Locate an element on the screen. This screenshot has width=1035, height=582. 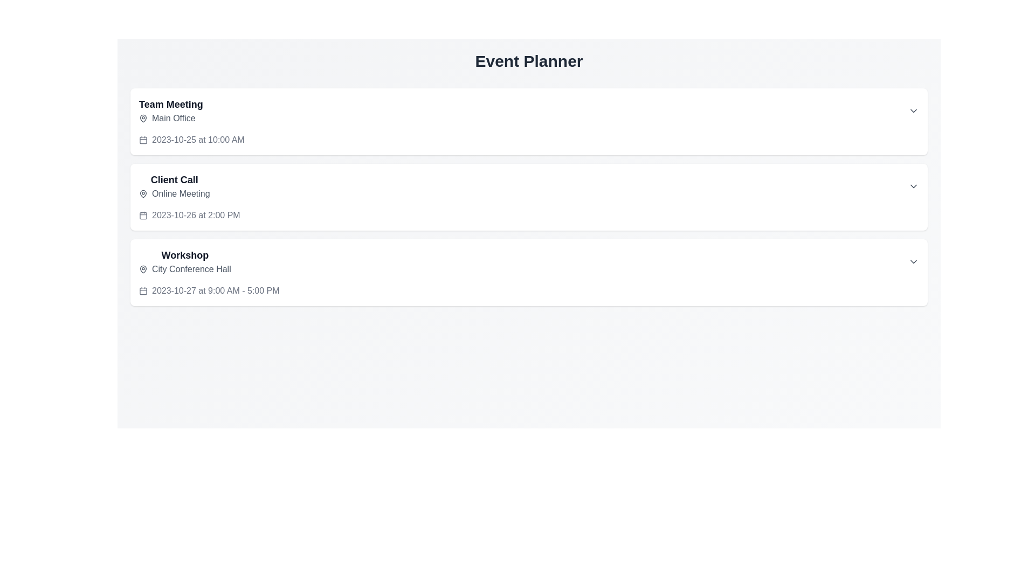
the Text label that serves as the title for the event, displaying 'Team Meeting' is located at coordinates (170, 104).